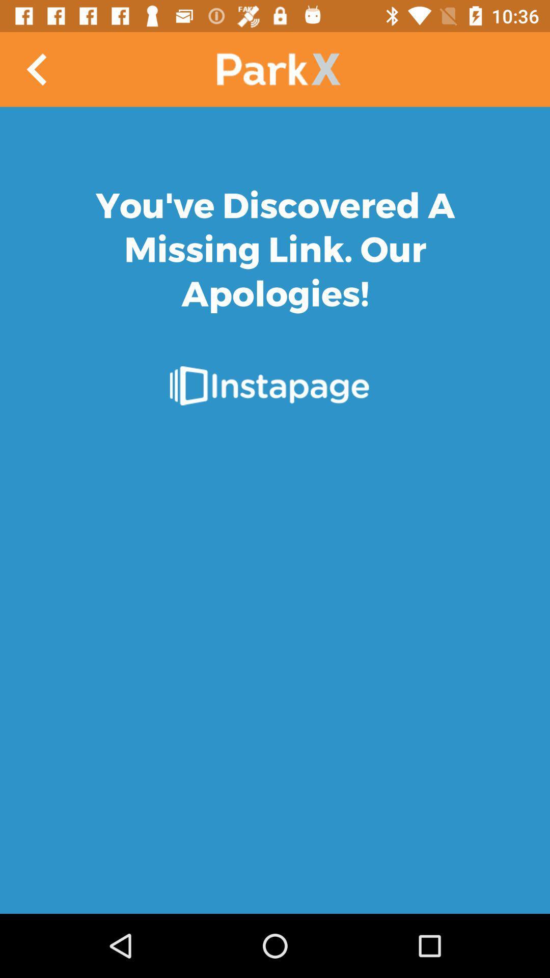 This screenshot has width=550, height=978. What do you see at coordinates (37, 69) in the screenshot?
I see `go back` at bounding box center [37, 69].